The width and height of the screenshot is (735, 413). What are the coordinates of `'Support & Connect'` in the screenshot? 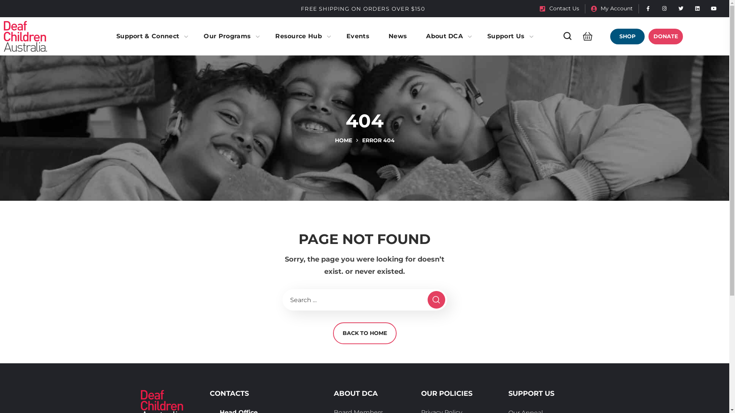 It's located at (106, 36).